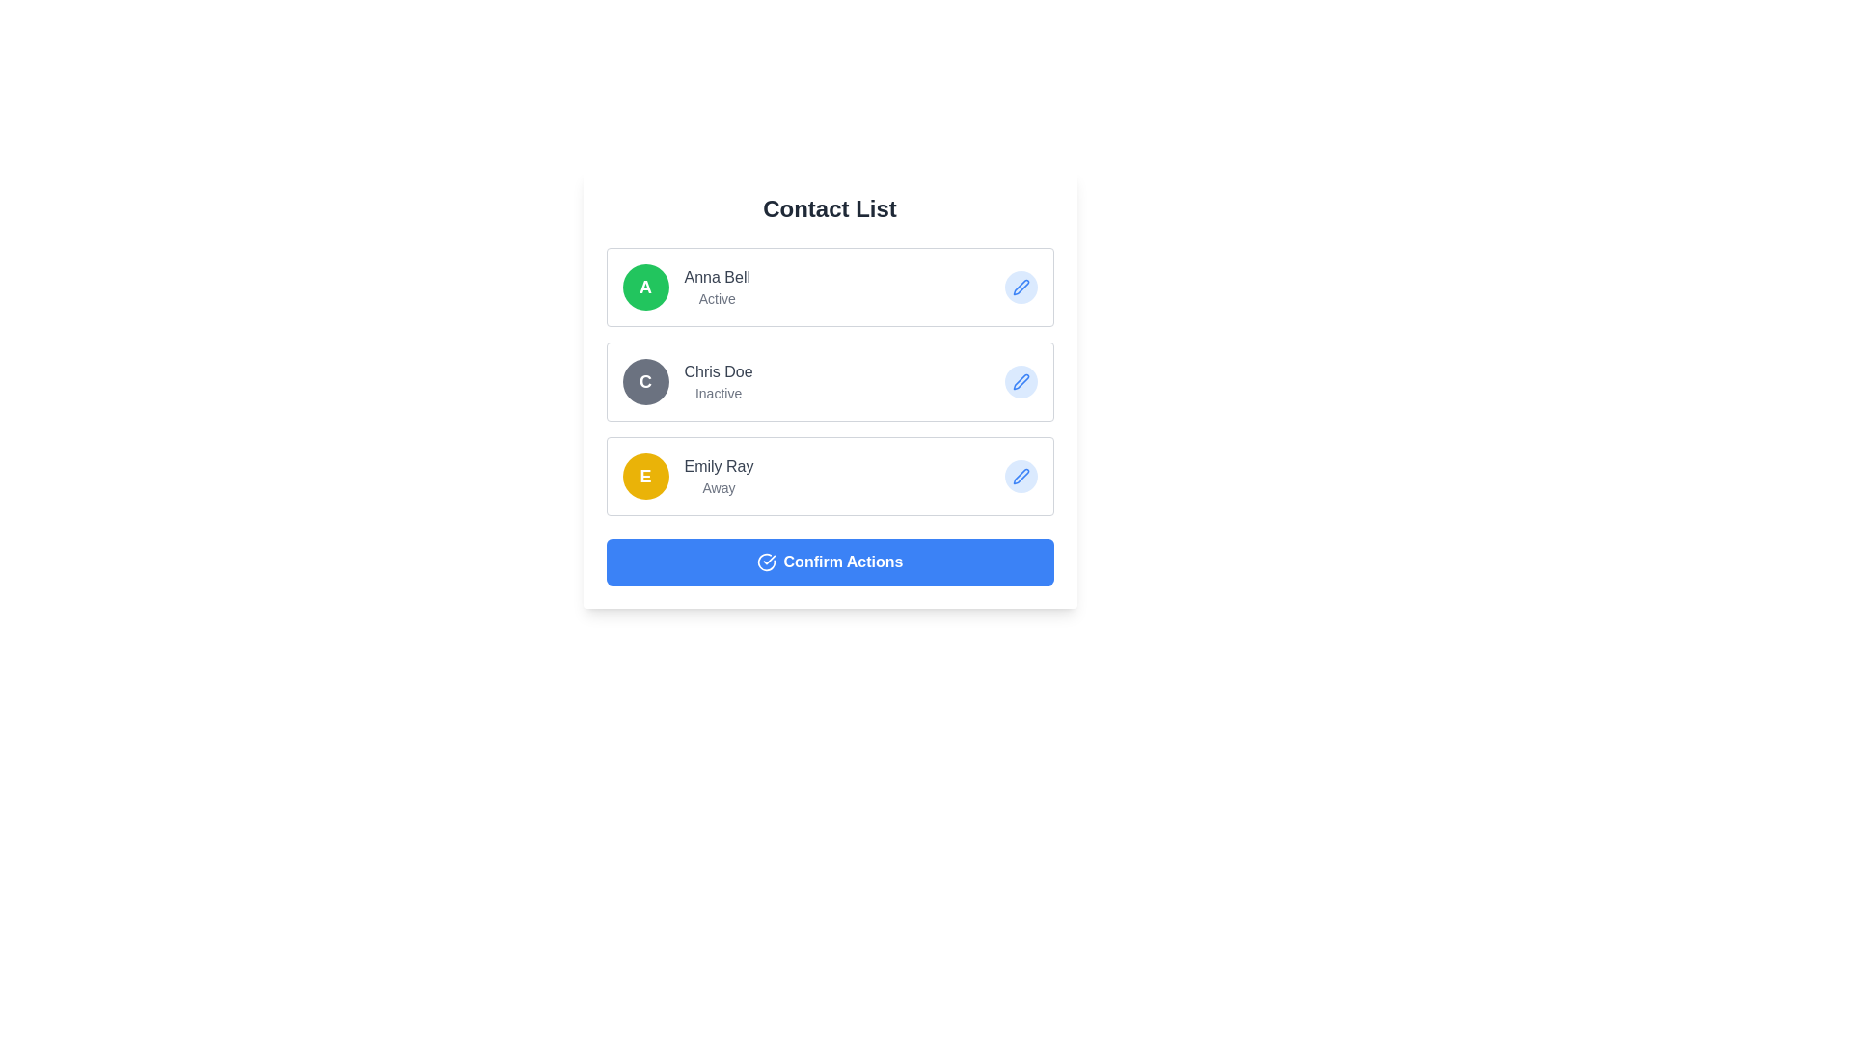  I want to click on the Text display block containing the name 'Anna Bell' and the status 'active', which is part of the first contact entry in the 'Contact List', so click(716, 287).